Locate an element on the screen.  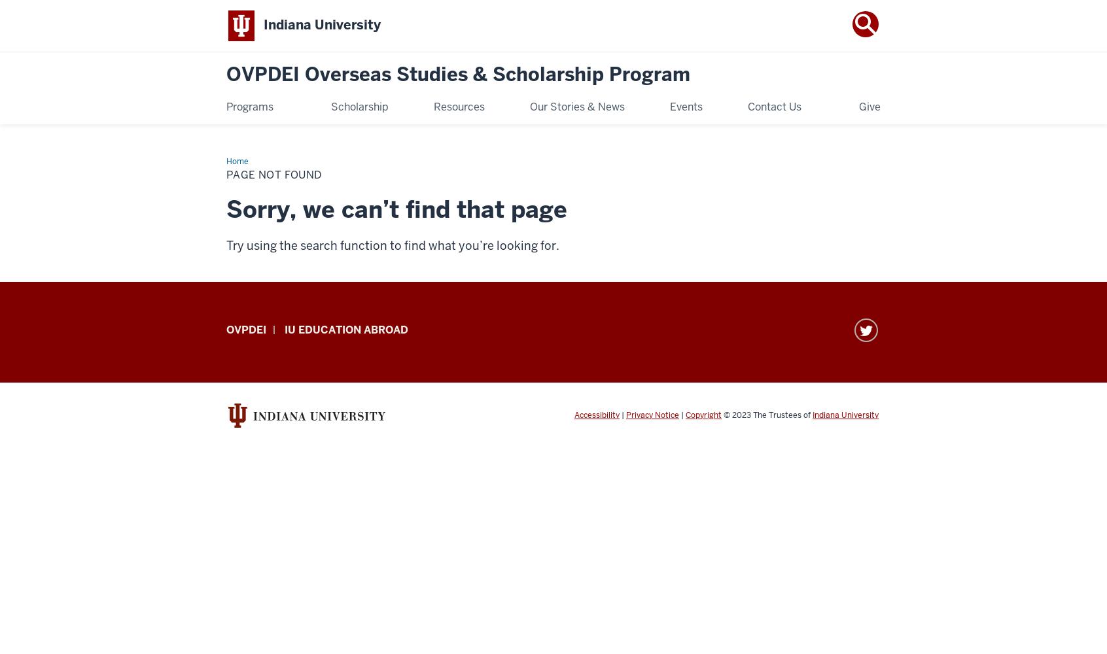
'Home' is located at coordinates (237, 160).